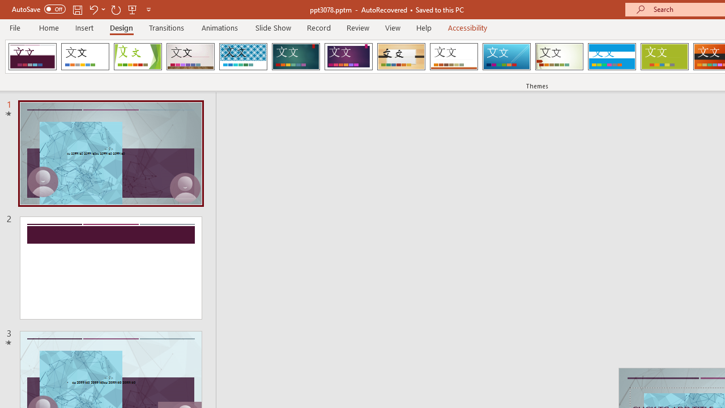 The width and height of the screenshot is (725, 408). Describe the element at coordinates (116, 9) in the screenshot. I see `'Redo'` at that location.